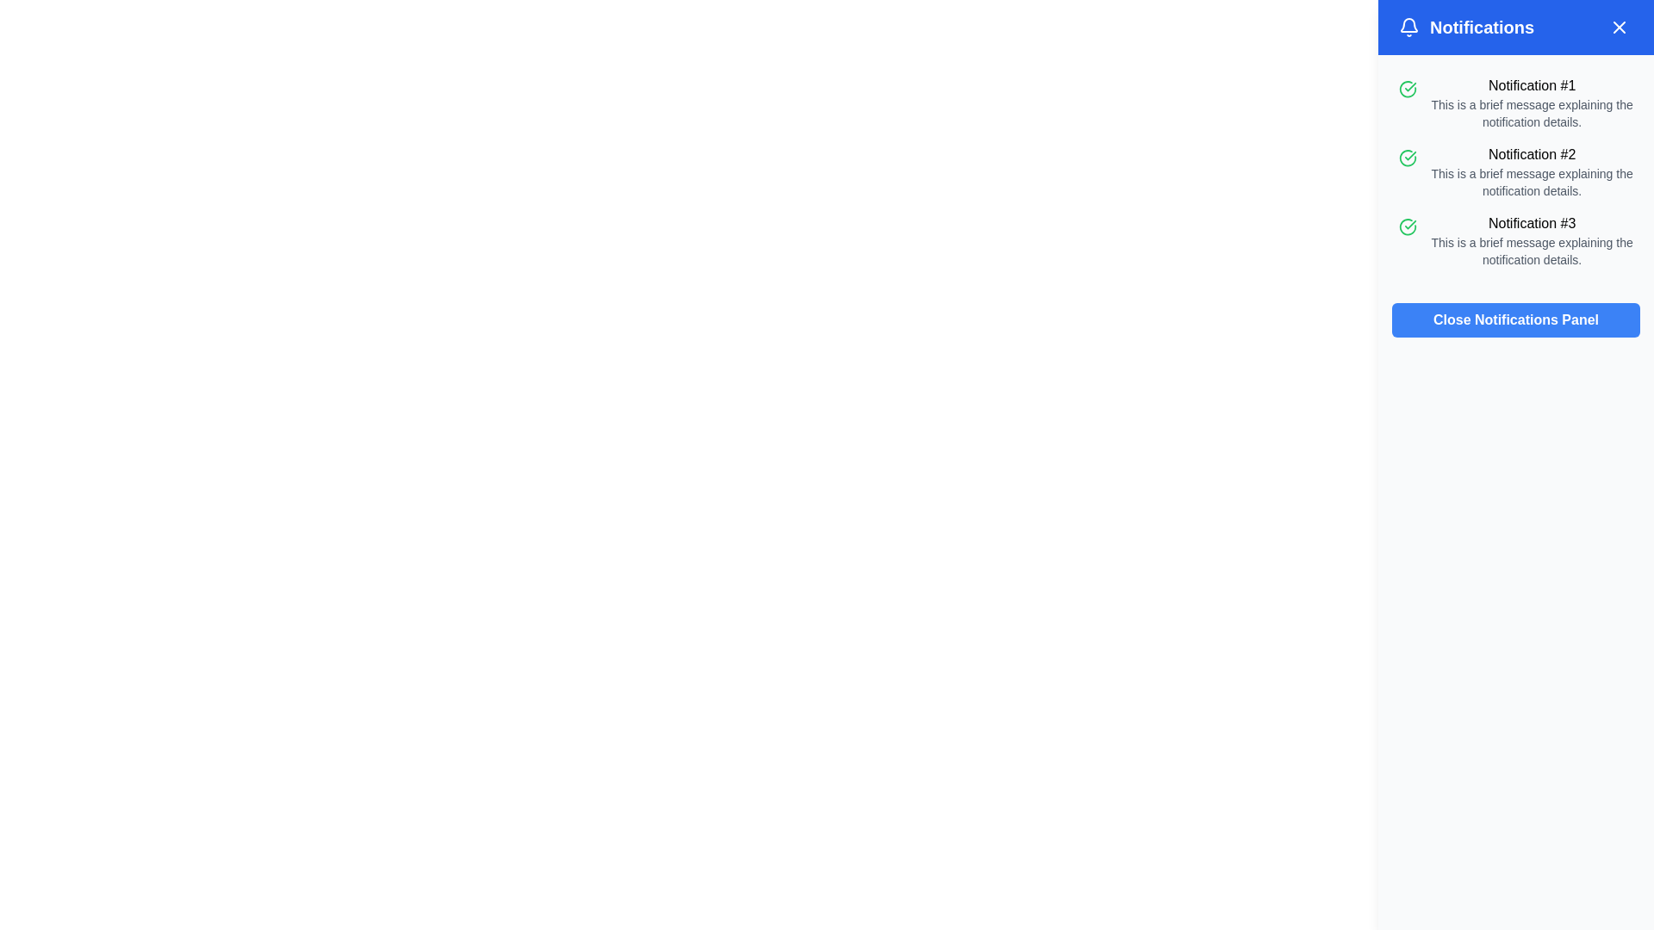  Describe the element at coordinates (1408, 90) in the screenshot. I see `the success status indicator icon located to the far-left of 'Notification #1', which signifies the status of the notification` at that location.